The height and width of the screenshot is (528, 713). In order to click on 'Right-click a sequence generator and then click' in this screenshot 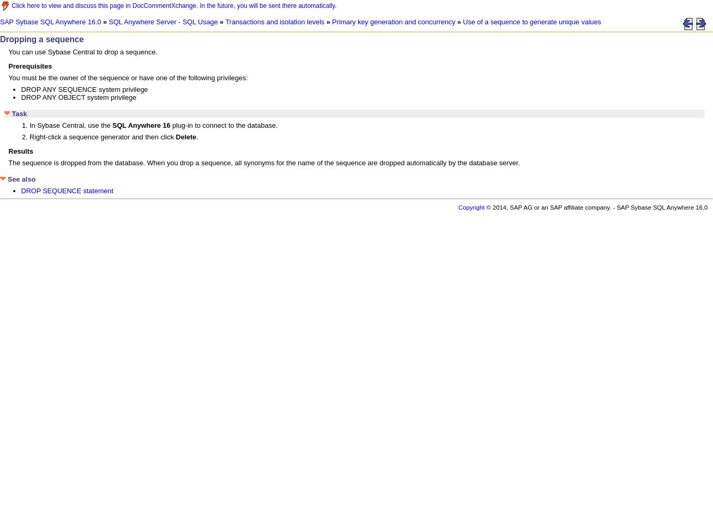, I will do `click(102, 136)`.